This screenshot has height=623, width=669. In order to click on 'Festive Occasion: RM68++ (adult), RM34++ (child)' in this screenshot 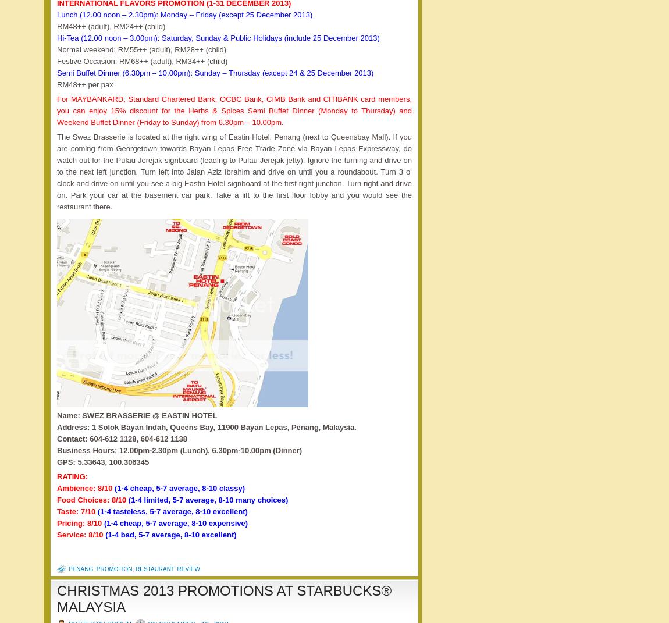, I will do `click(56, 61)`.